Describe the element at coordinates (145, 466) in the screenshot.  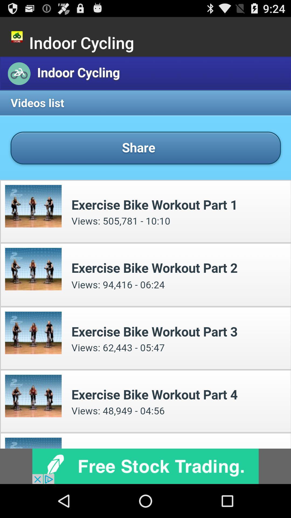
I see `advertisement` at that location.